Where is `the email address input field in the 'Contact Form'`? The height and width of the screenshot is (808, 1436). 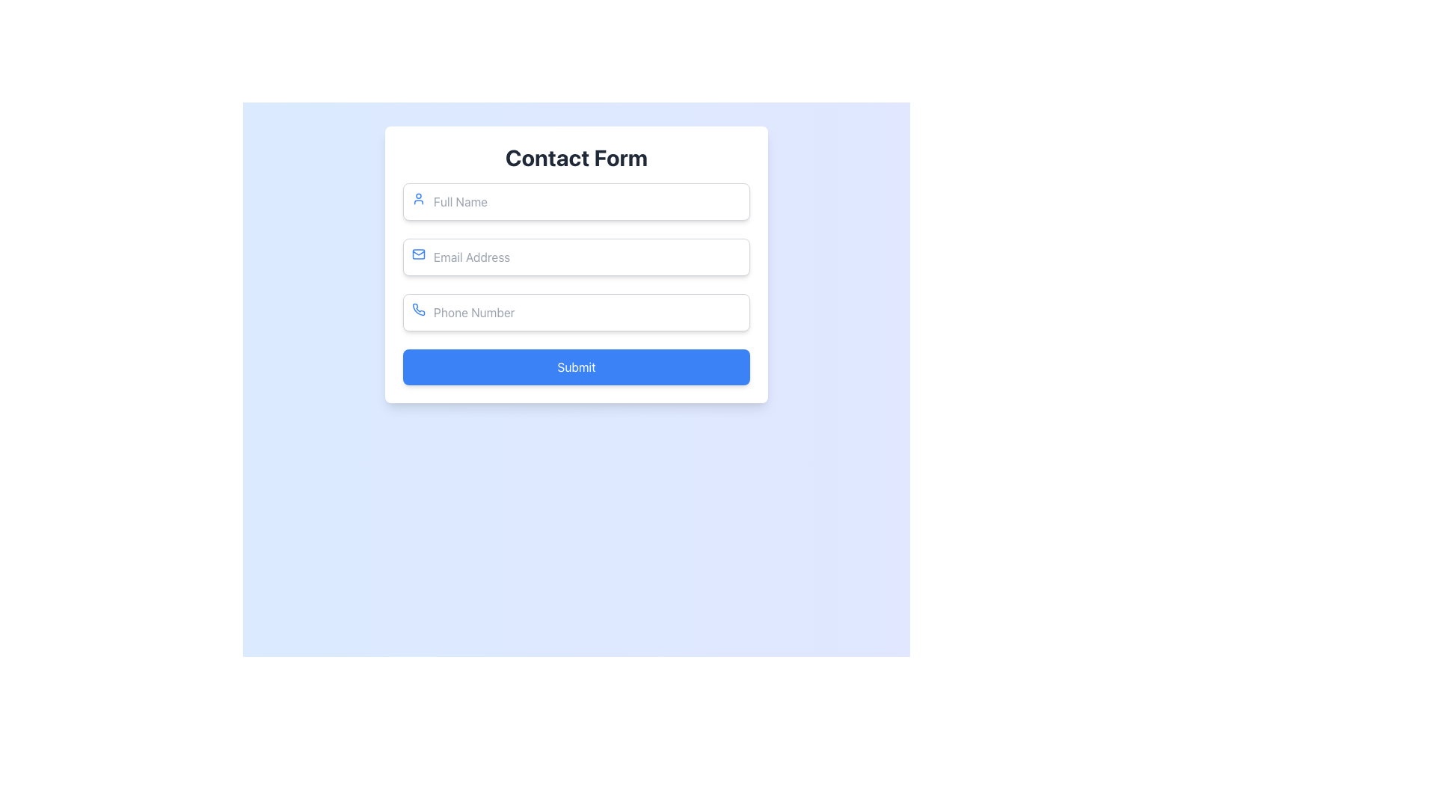 the email address input field in the 'Contact Form' is located at coordinates (576, 264).